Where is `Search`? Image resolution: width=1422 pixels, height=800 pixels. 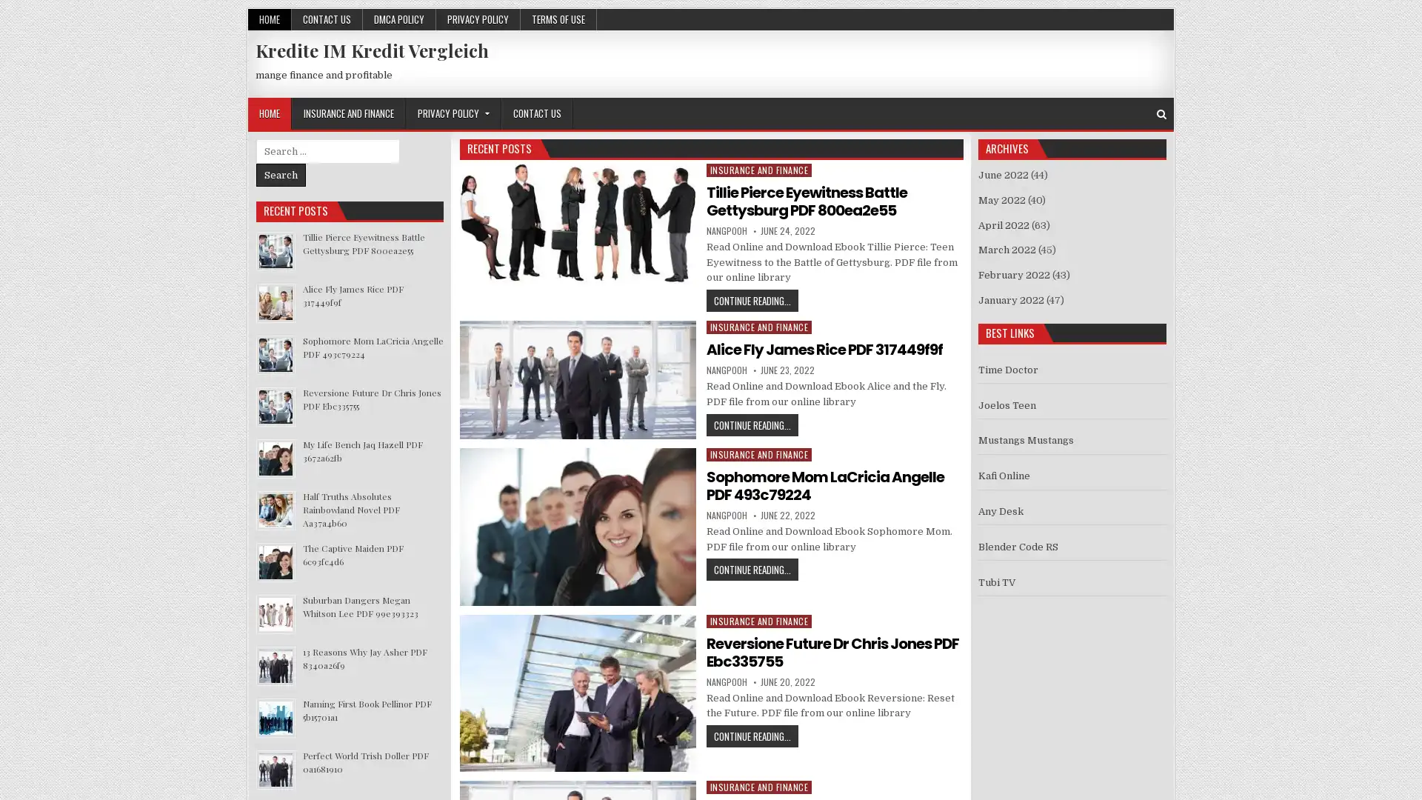
Search is located at coordinates (280, 174).